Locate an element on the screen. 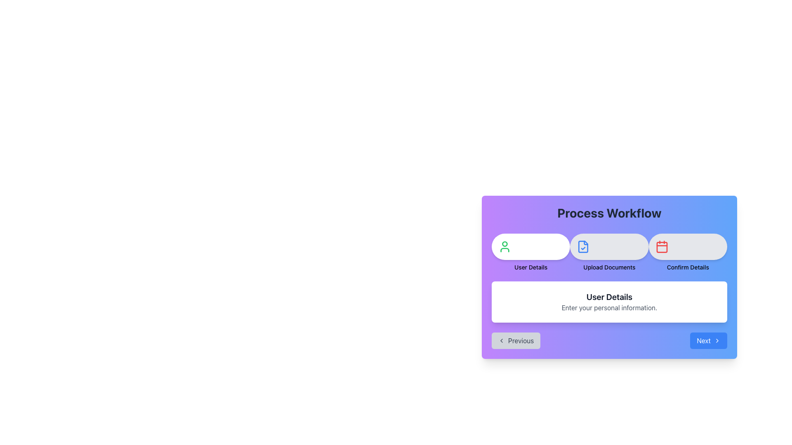  the text label that says 'Enter your personal information.' styled in a smaller gray font located below the heading 'User Details' in a card-like layout is located at coordinates (609, 308).